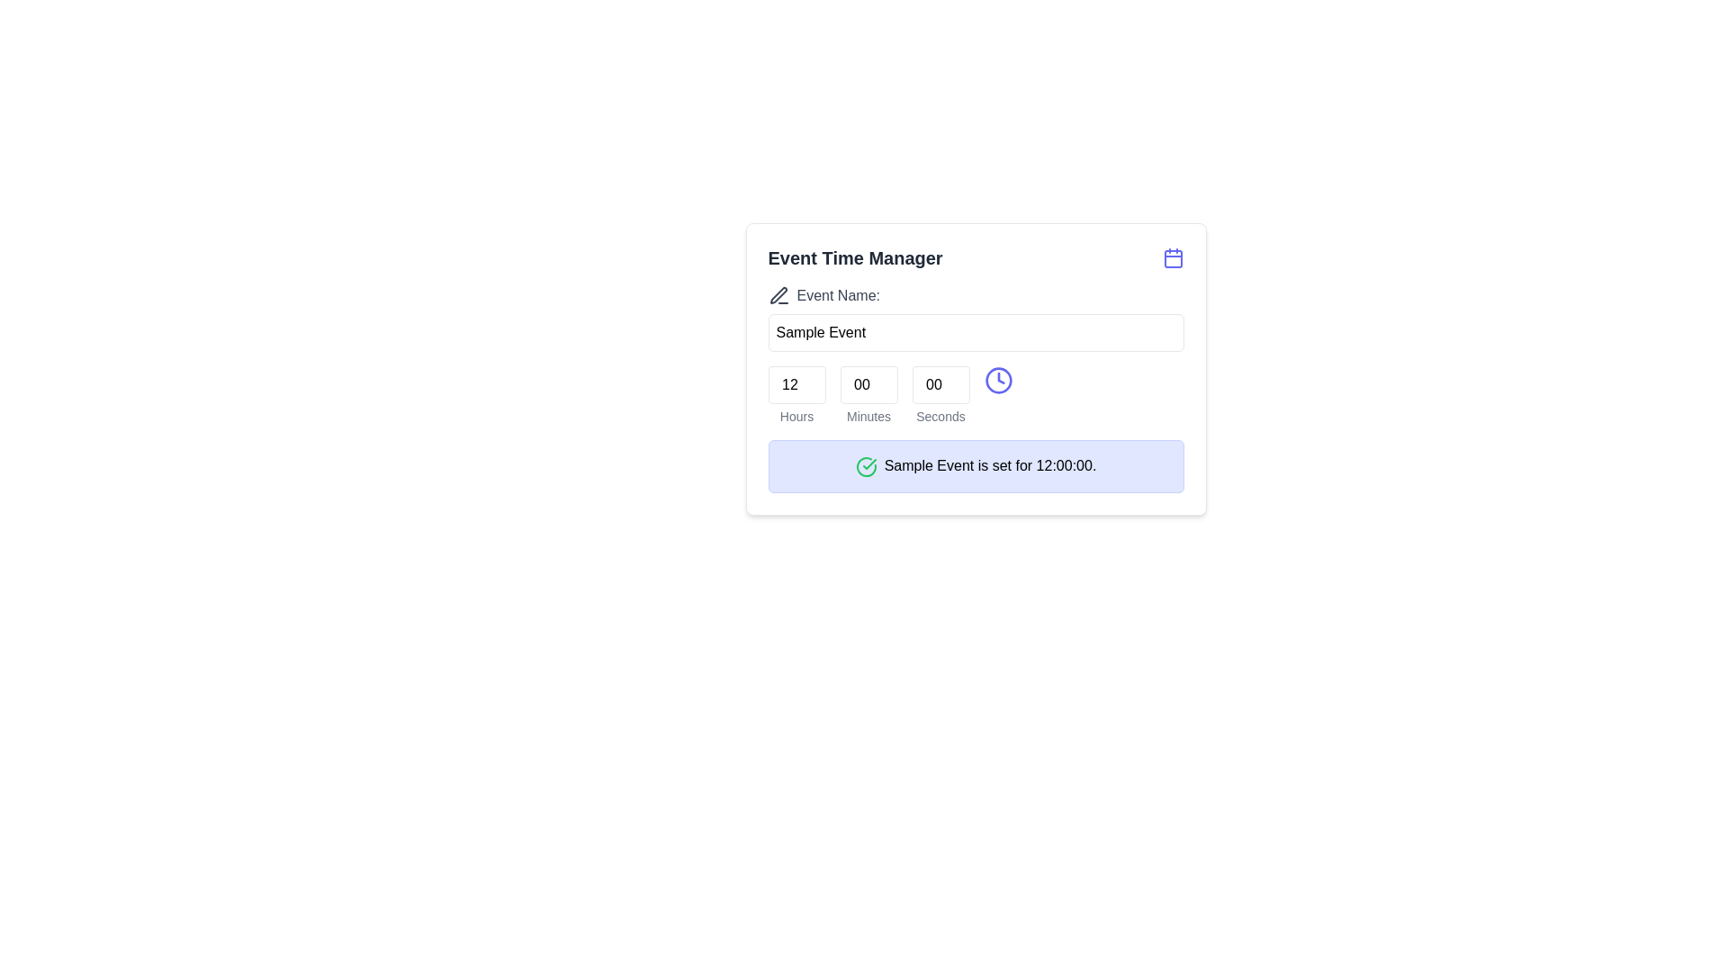 This screenshot has width=1728, height=972. Describe the element at coordinates (866, 465) in the screenshot. I see `the appearance of the circular icon indicating successful completion within the notification panel` at that location.